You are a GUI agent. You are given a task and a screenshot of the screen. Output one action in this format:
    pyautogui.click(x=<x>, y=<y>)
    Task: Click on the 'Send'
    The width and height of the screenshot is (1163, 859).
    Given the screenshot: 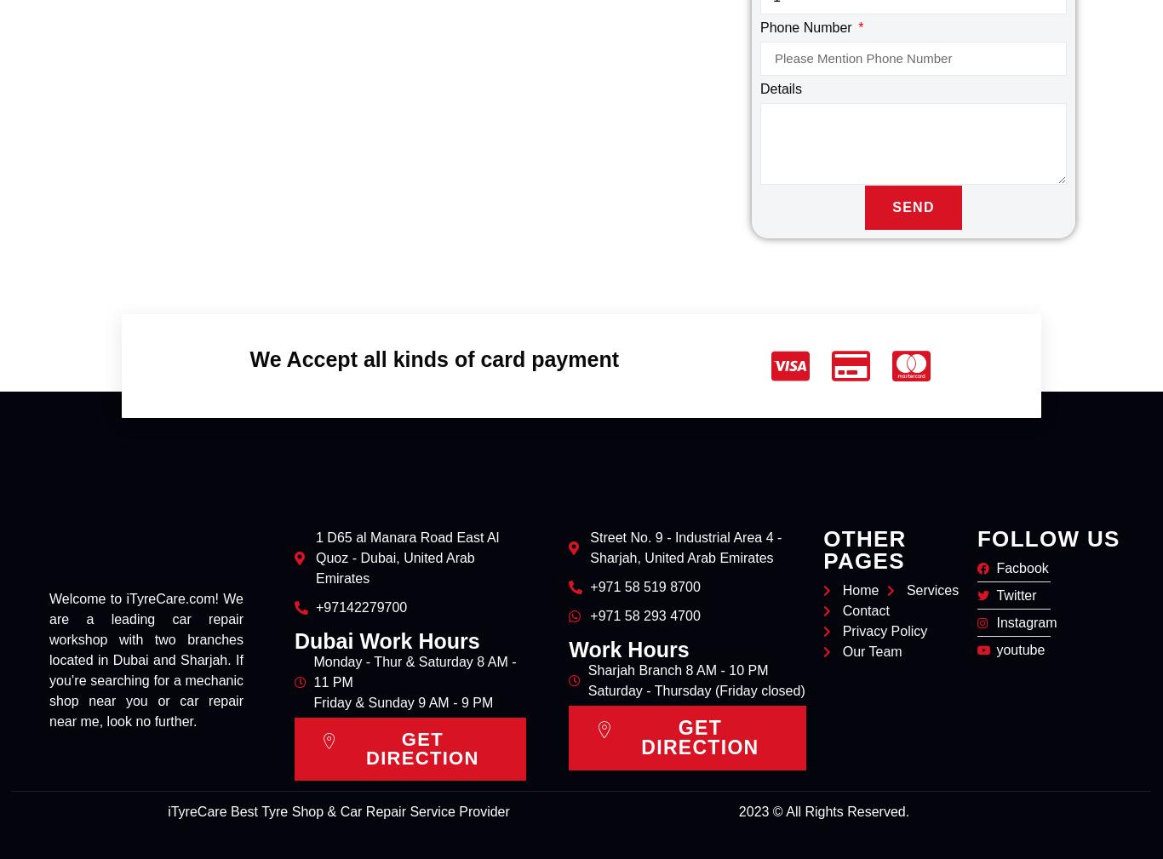 What is the action you would take?
    pyautogui.click(x=891, y=205)
    